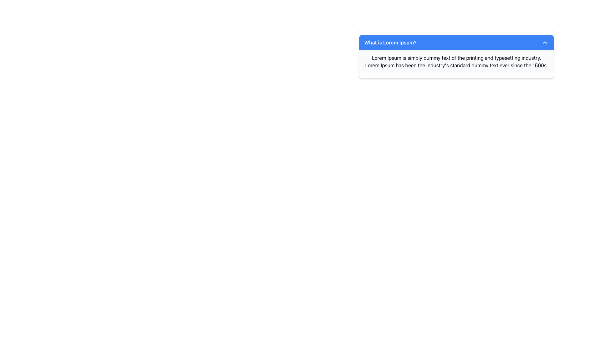  I want to click on the descriptive text block located immediately below the blue header titled 'What is Lorem Ipsum?', so click(456, 61).